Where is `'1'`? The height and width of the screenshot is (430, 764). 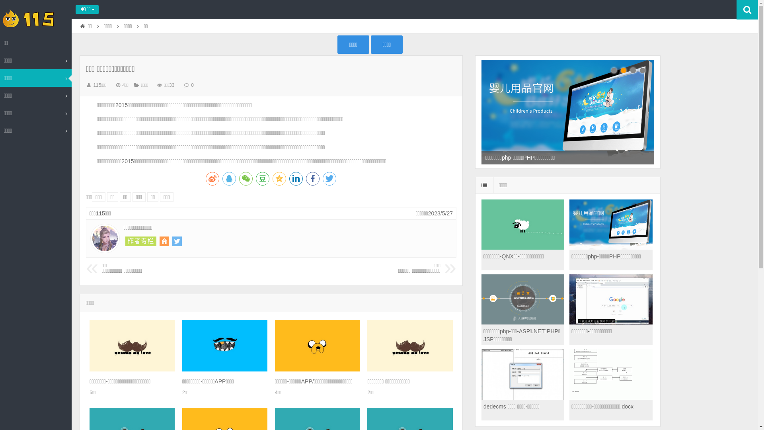
'1' is located at coordinates (613, 70).